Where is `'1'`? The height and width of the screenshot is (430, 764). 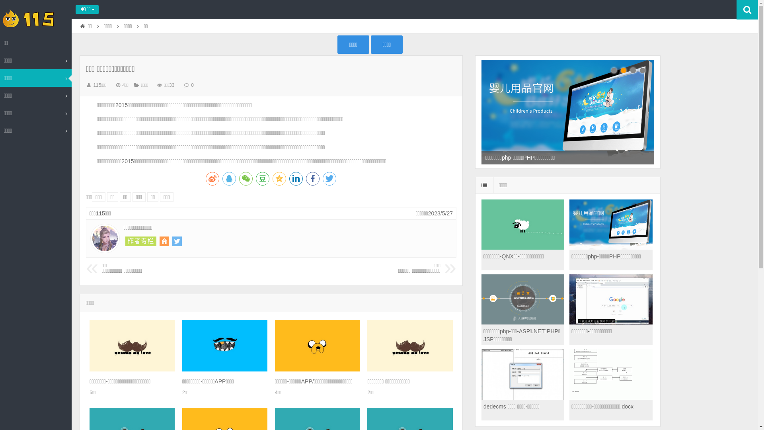
'1' is located at coordinates (613, 70).